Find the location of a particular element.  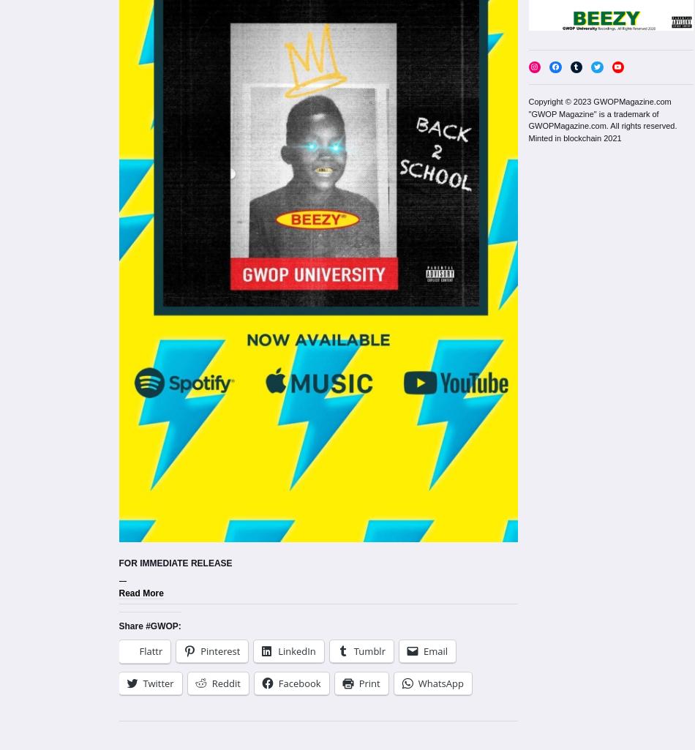

'Reddit' is located at coordinates (225, 683).